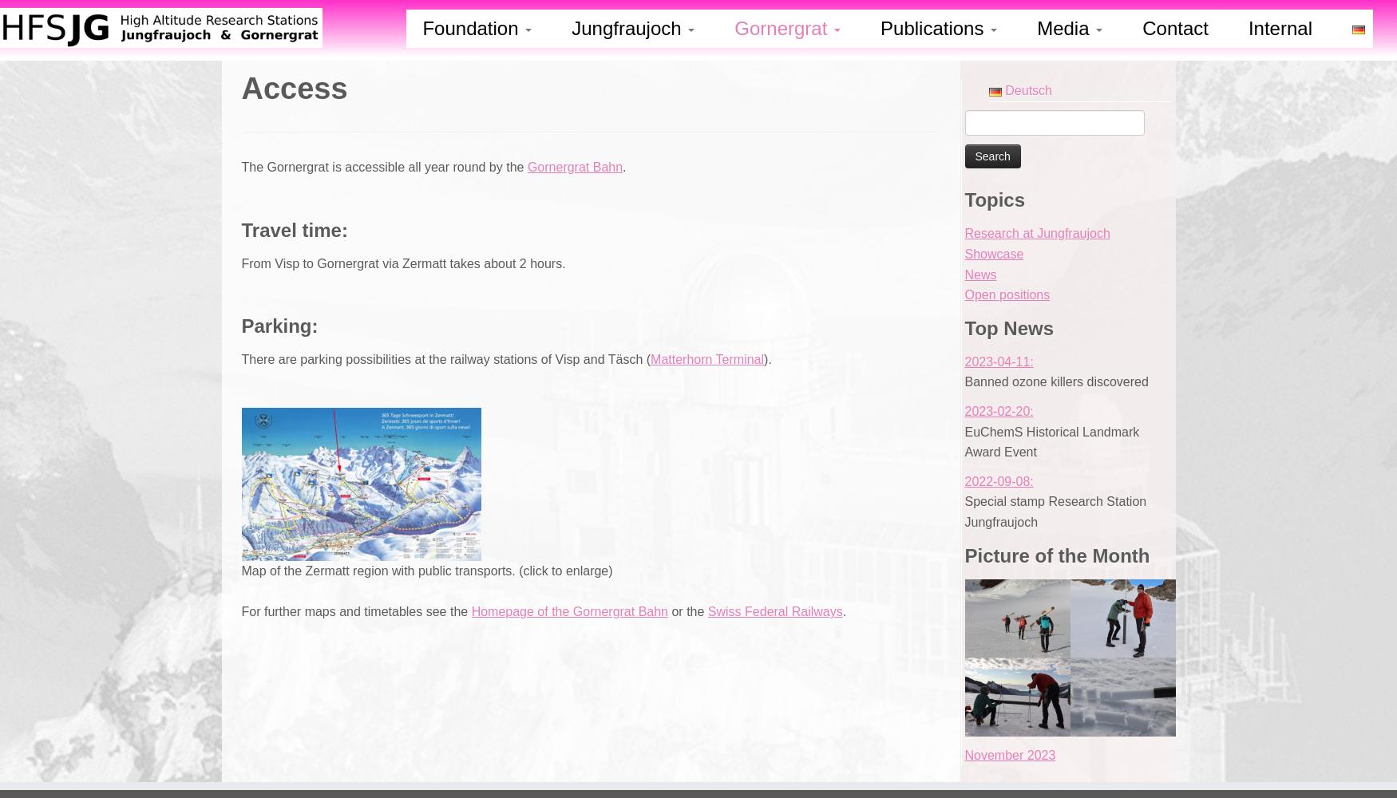 Image resolution: width=1397 pixels, height=798 pixels. What do you see at coordinates (964, 410) in the screenshot?
I see `'2023-02-20:'` at bounding box center [964, 410].